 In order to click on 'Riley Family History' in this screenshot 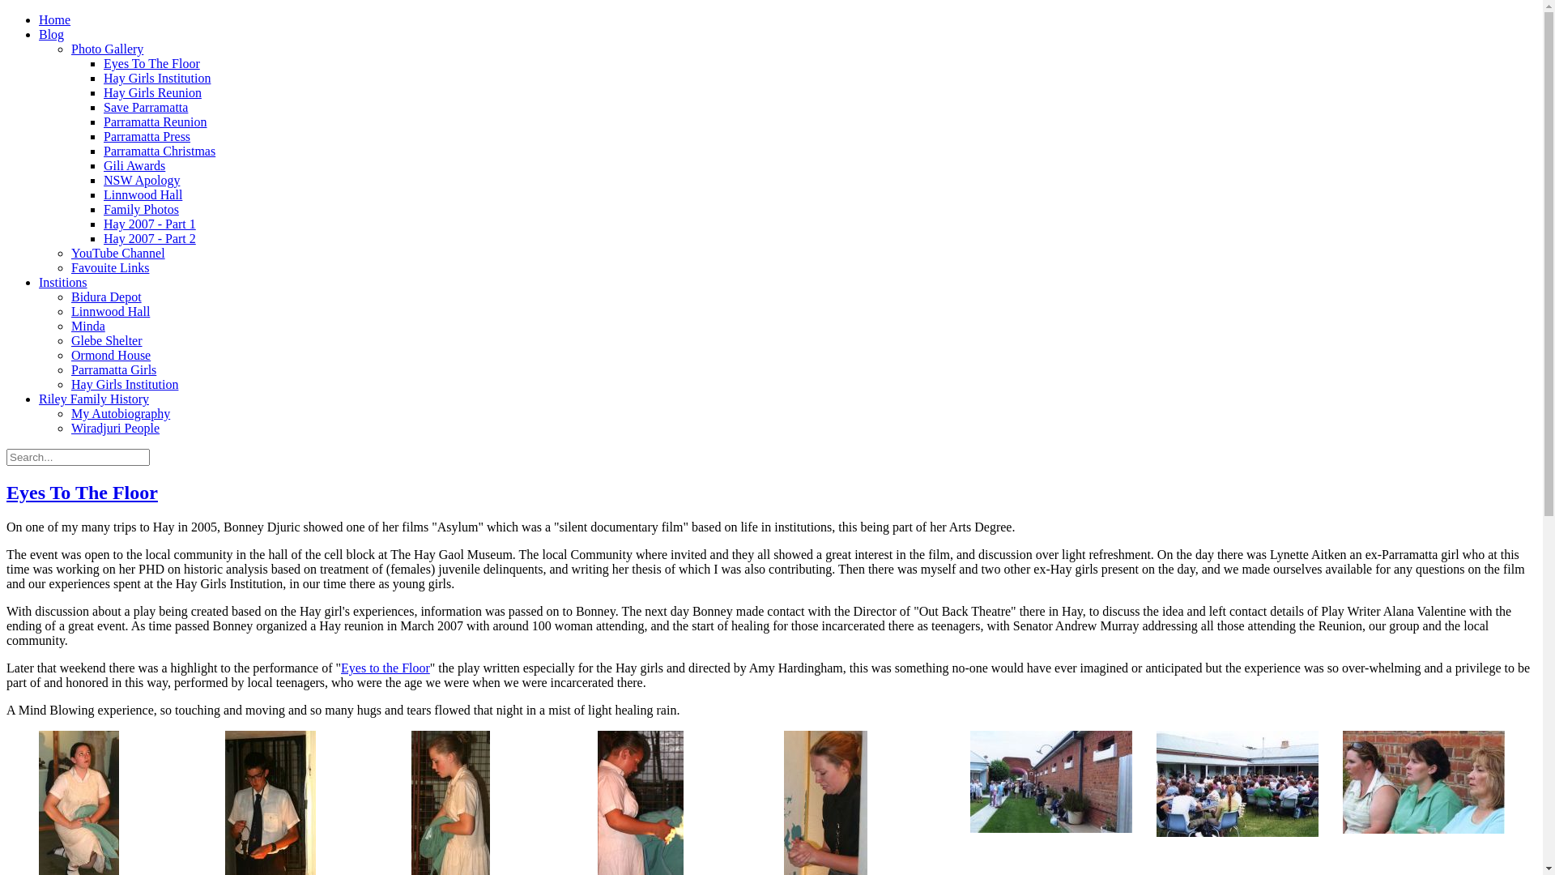, I will do `click(92, 399)`.